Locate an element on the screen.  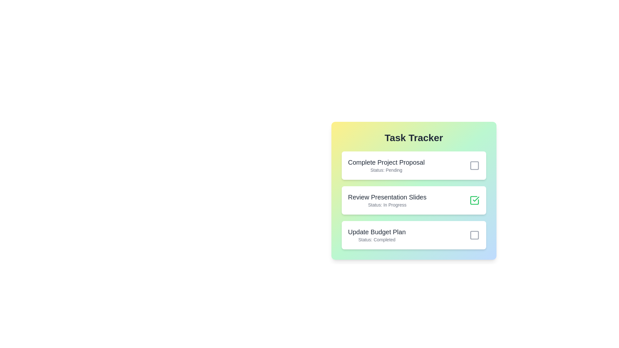
the checkbox corresponding to the task 'Review Presentation Slides' is located at coordinates (474, 200).